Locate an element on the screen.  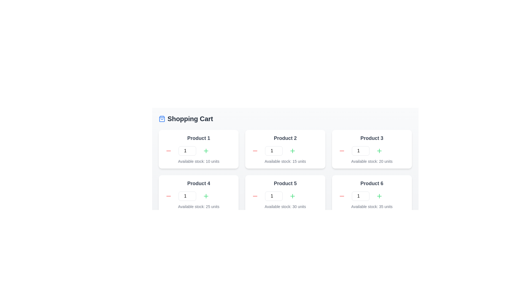
the increment button located to the immediate right of the quantity input box in the fourth product card is located at coordinates (206, 196).